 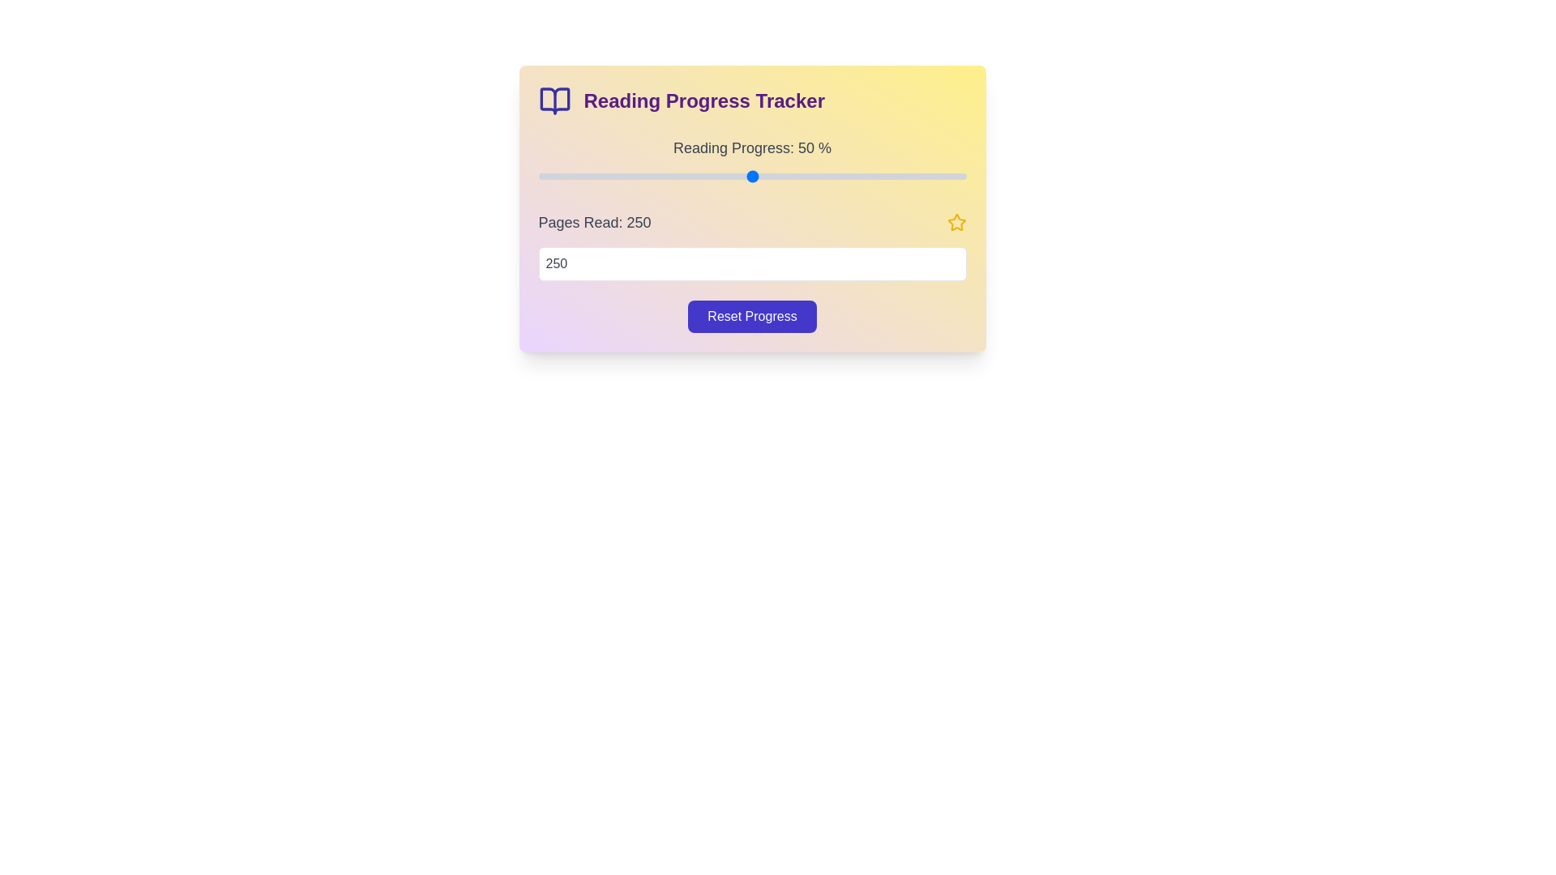 I want to click on the number of pages read to 141 using the input field, so click(x=751, y=263).